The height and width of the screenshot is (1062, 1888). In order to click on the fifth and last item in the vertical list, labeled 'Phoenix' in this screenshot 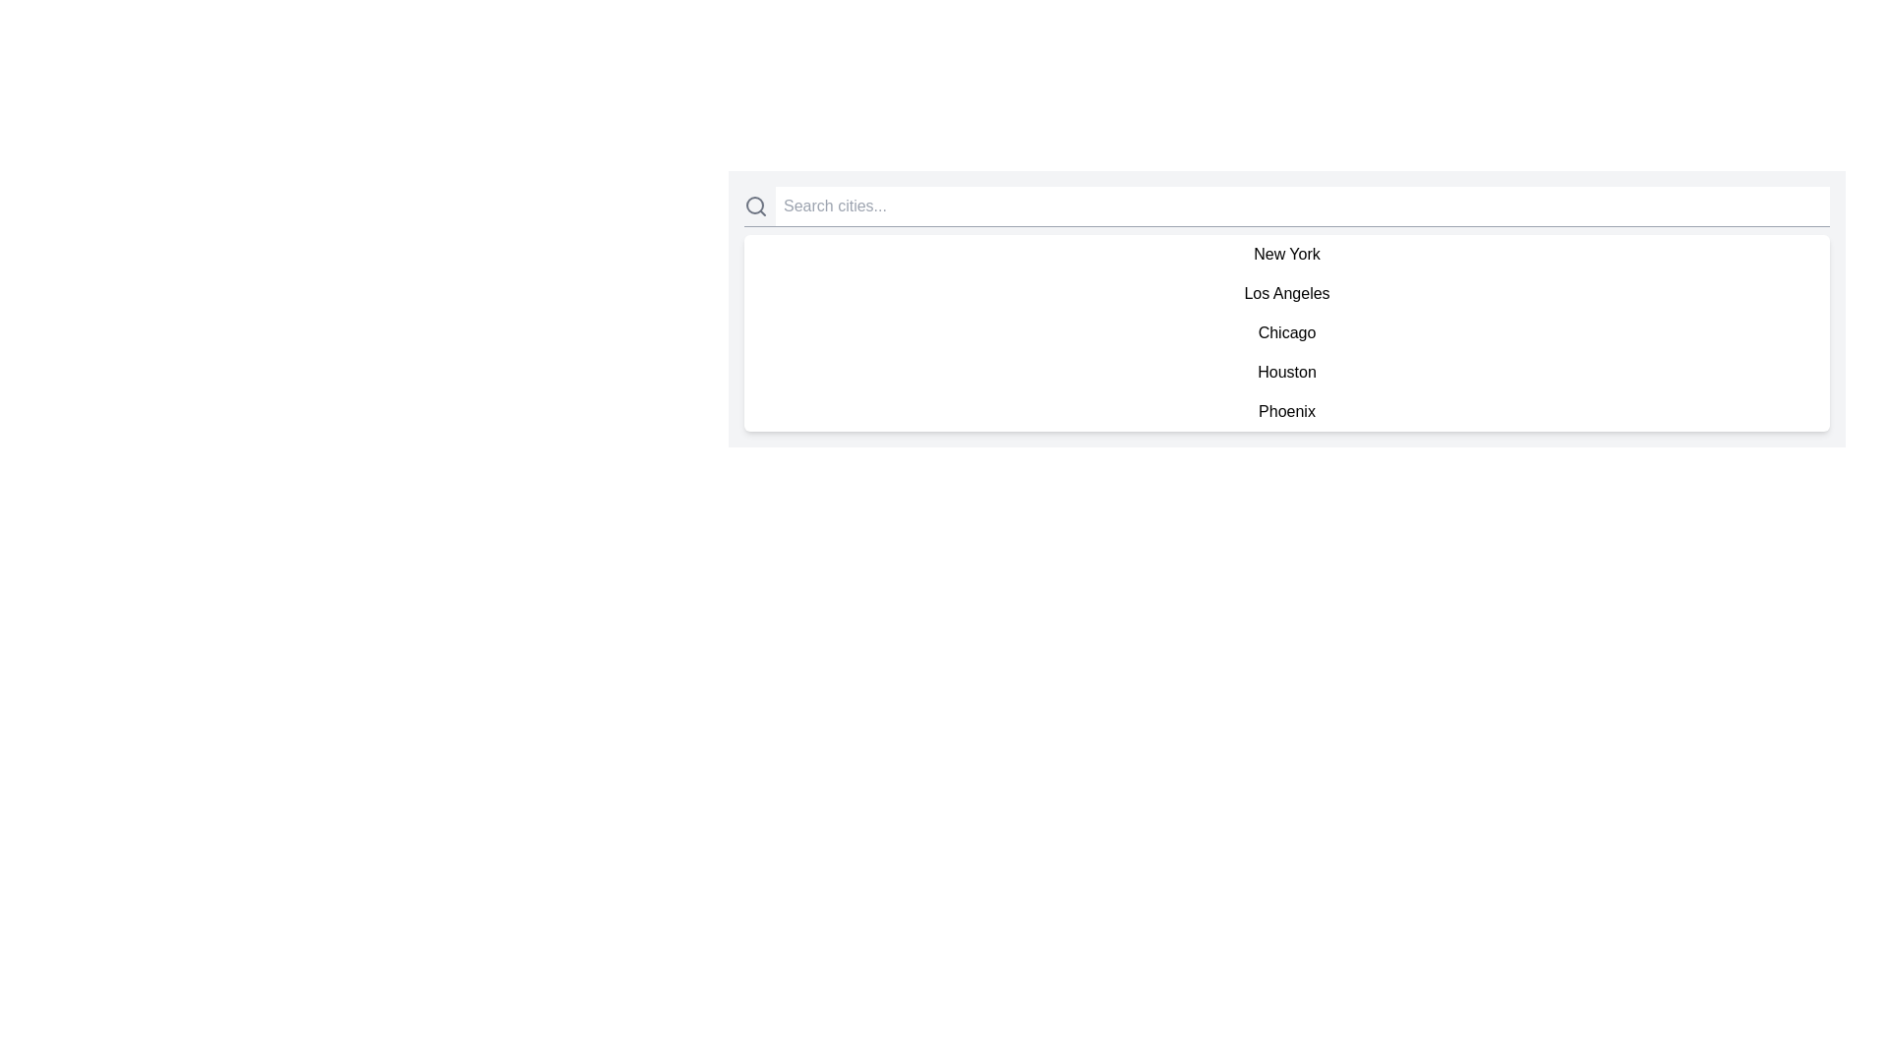, I will do `click(1287, 411)`.